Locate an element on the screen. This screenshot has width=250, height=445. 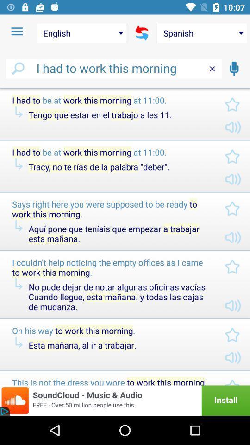
the close icon is located at coordinates (212, 68).